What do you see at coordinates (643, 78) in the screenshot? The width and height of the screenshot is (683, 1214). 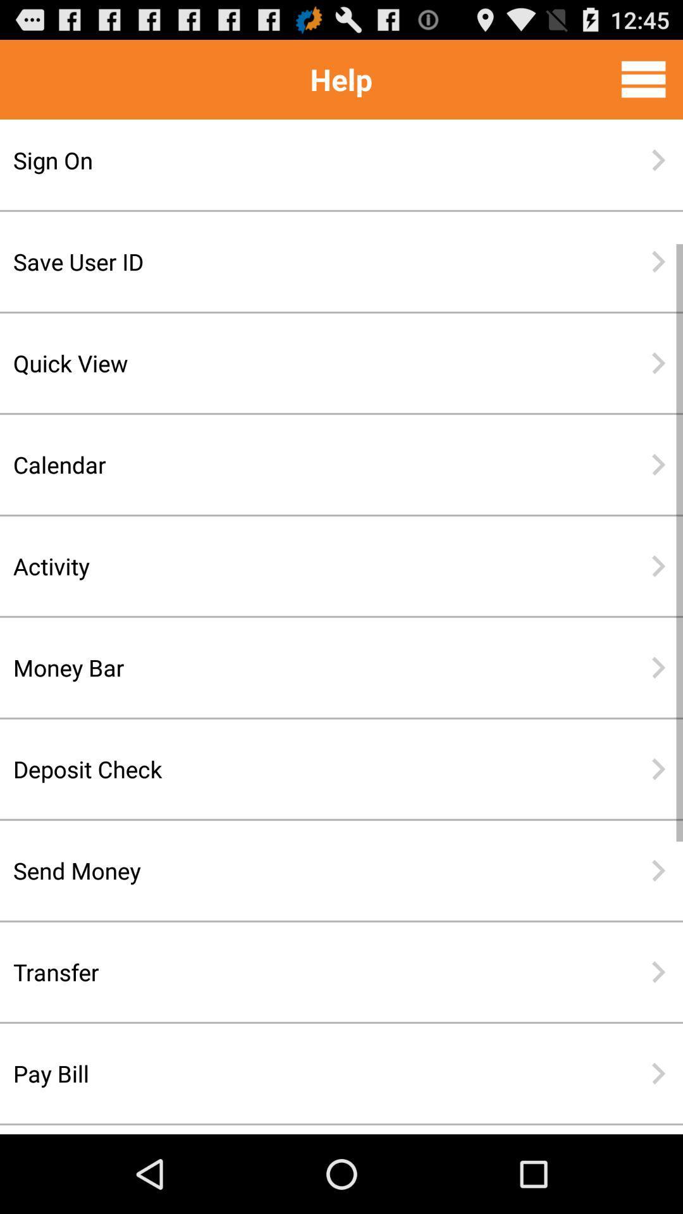 I see `the item to the right of help icon` at bounding box center [643, 78].